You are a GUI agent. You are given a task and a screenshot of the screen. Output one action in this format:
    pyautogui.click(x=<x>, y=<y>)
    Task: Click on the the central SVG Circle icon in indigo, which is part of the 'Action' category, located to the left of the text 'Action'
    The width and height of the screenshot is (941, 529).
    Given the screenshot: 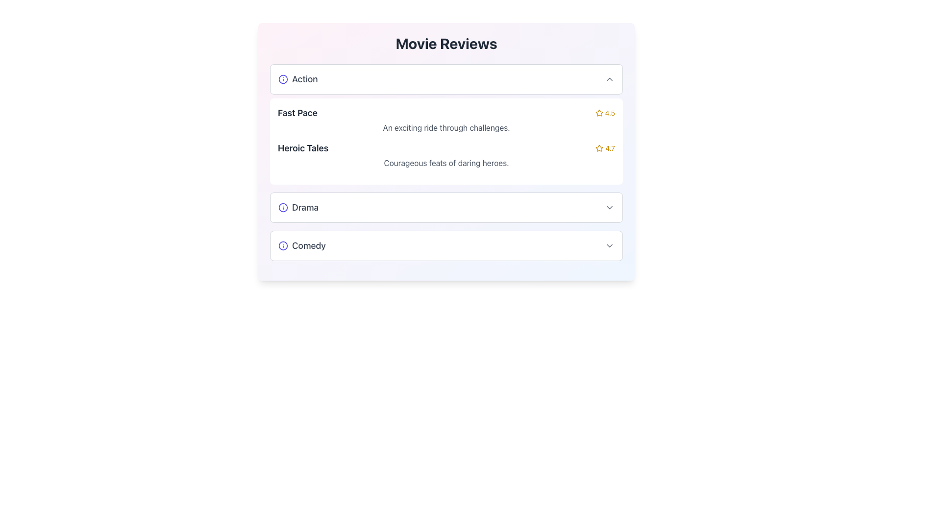 What is the action you would take?
    pyautogui.click(x=282, y=79)
    